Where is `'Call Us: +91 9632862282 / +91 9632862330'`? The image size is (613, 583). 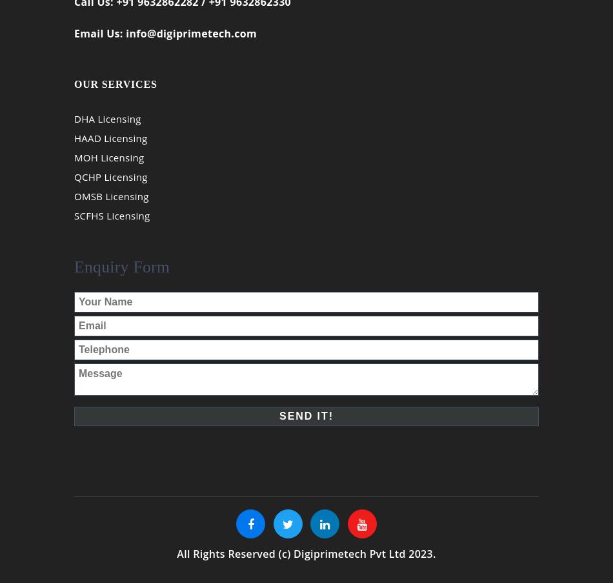 'Call Us: +91 9632862282 / +91 9632862330' is located at coordinates (182, 9).